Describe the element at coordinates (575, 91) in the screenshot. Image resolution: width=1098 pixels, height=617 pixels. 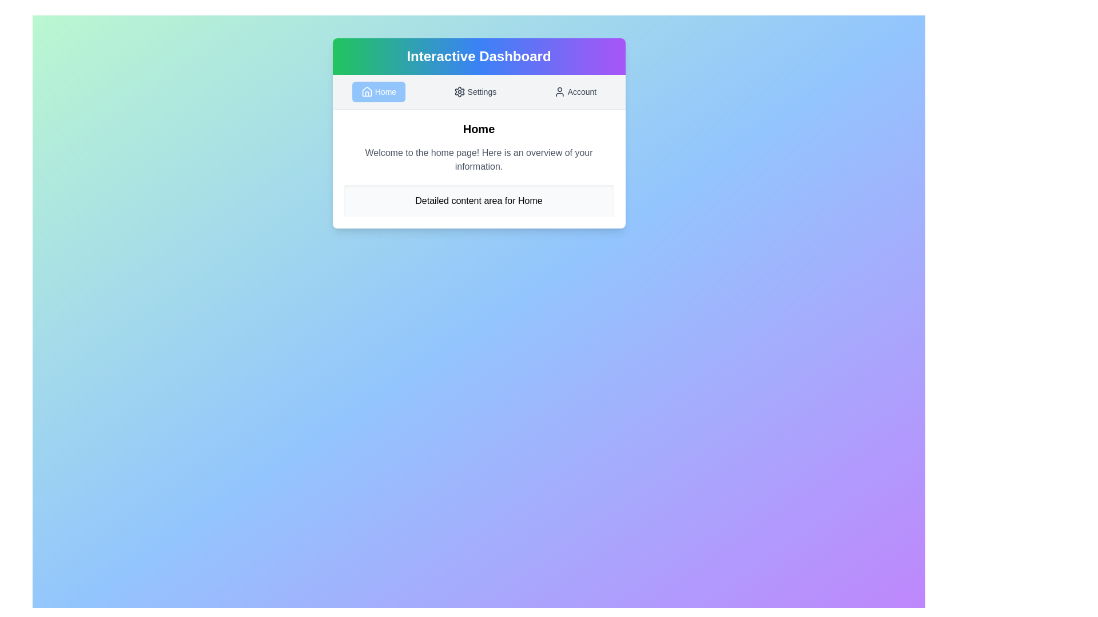
I see `the tab button labeled Account to switch to the respective tab` at that location.